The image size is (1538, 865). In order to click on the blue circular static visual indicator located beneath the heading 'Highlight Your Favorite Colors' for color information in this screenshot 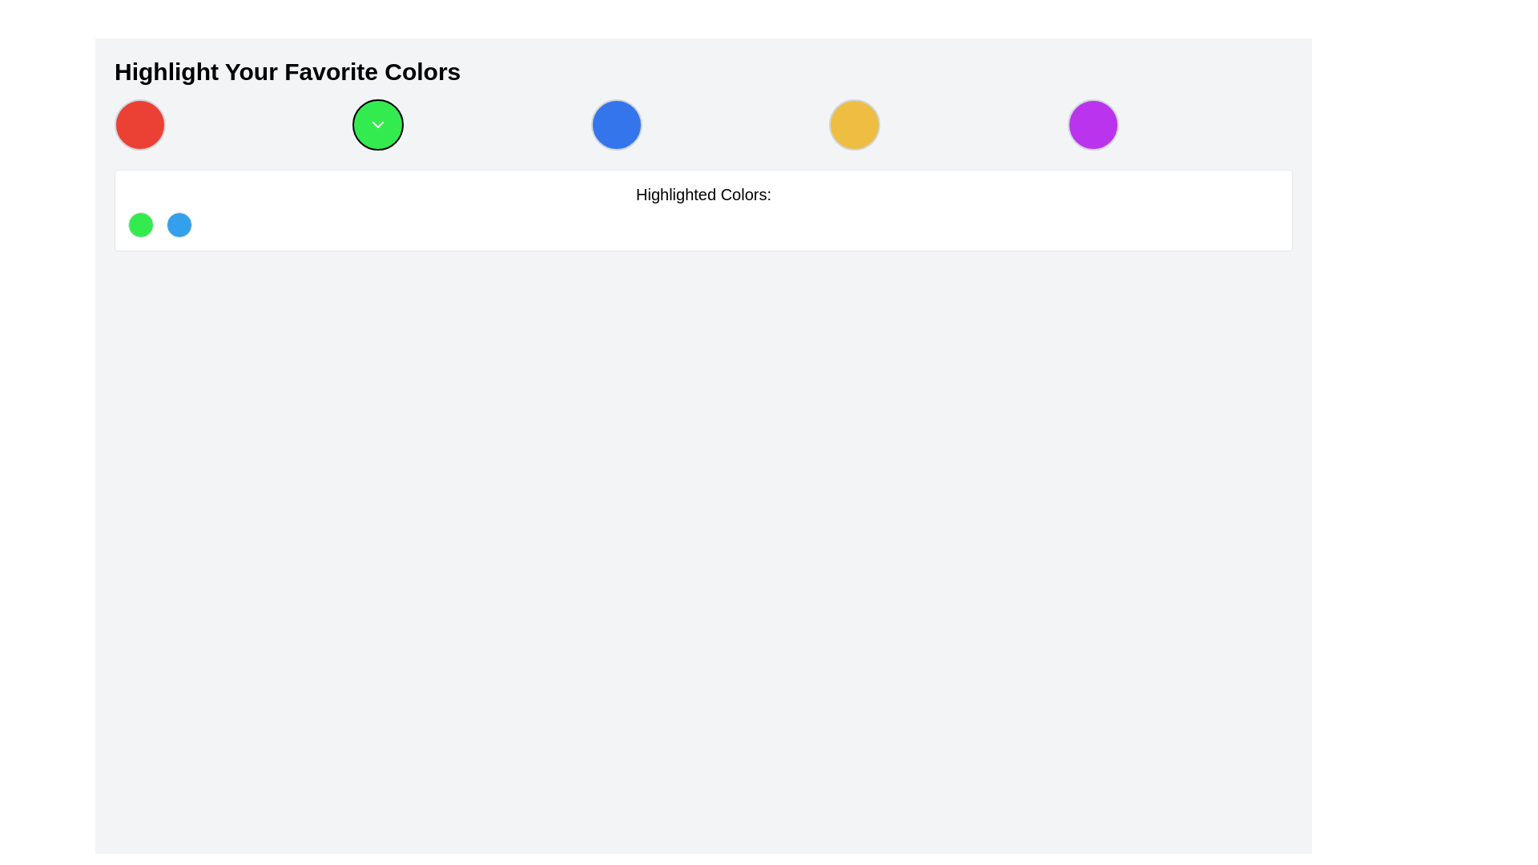, I will do `click(179, 225)`.